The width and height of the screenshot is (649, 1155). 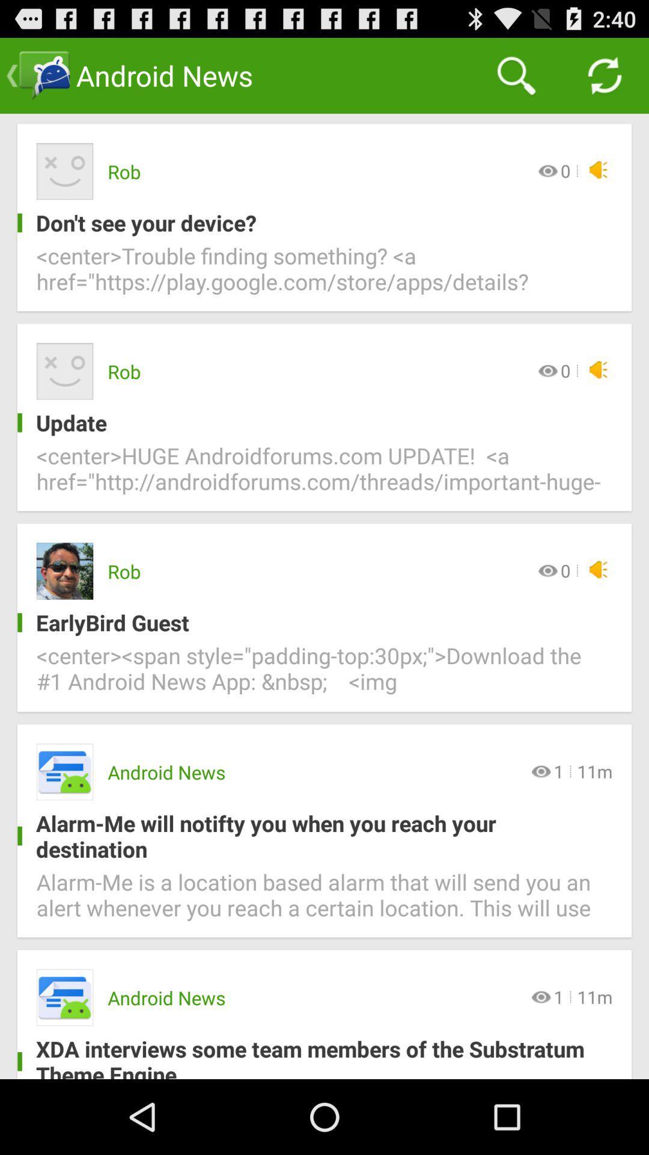 What do you see at coordinates (65, 570) in the screenshot?
I see `the image  above earlybird guest` at bounding box center [65, 570].